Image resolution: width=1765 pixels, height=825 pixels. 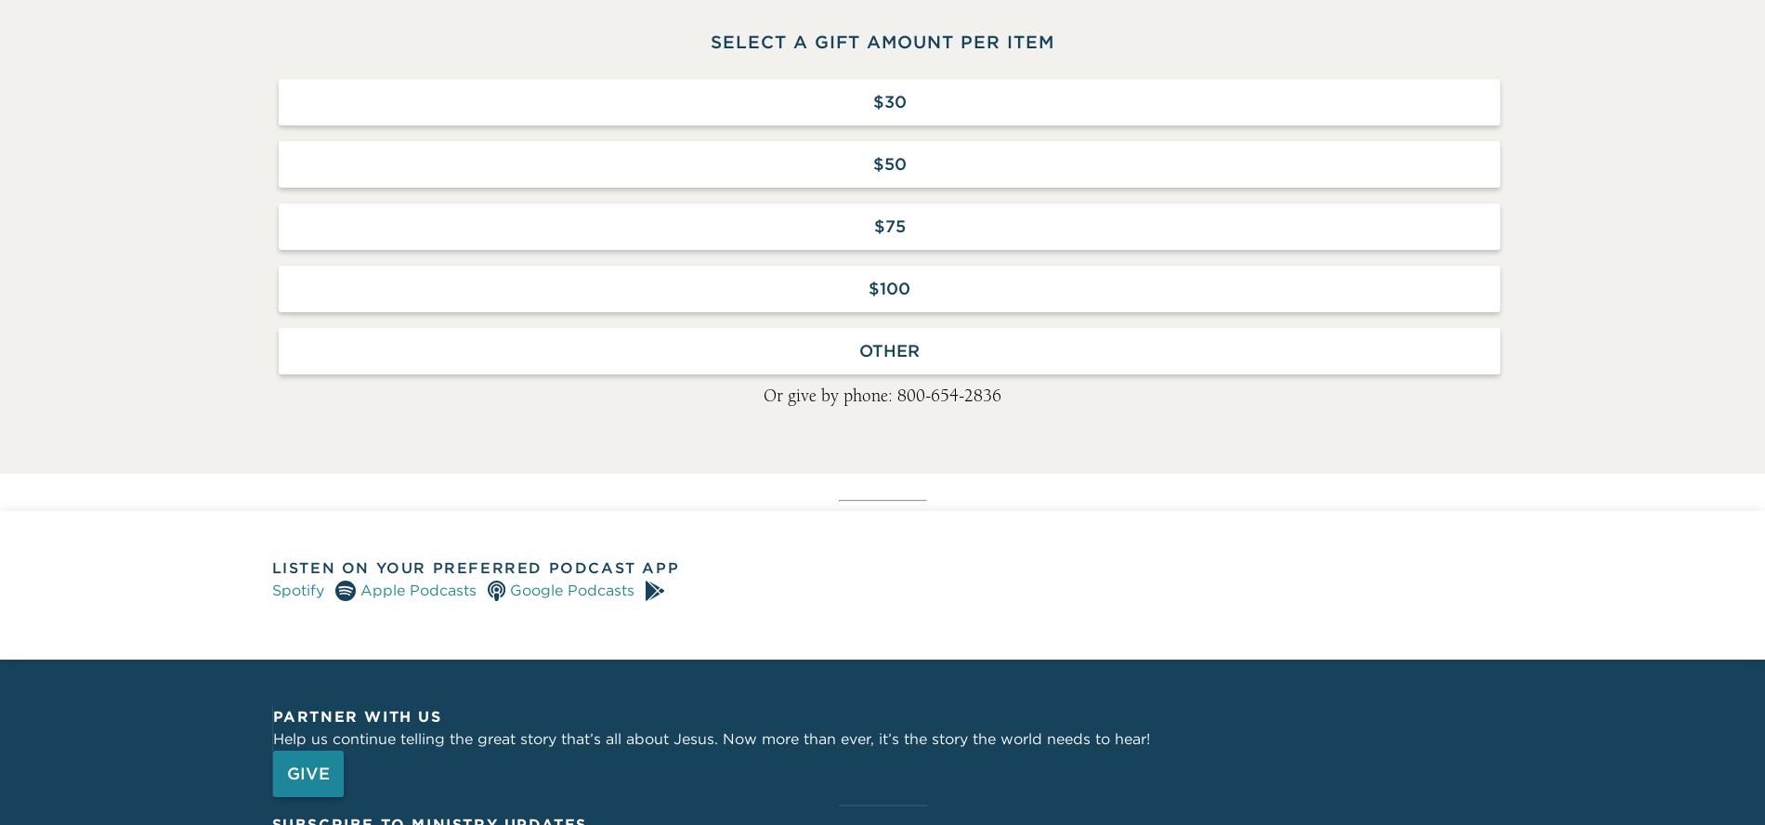 What do you see at coordinates (882, 308) in the screenshot?
I see `'Financial Accountability'` at bounding box center [882, 308].